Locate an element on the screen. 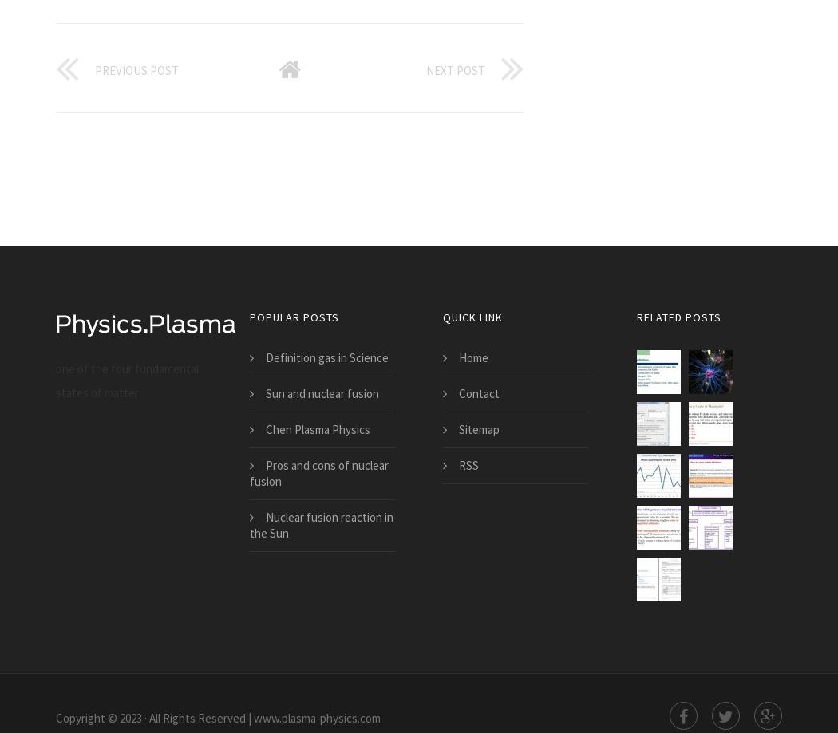  'Sitemap' is located at coordinates (479, 428).